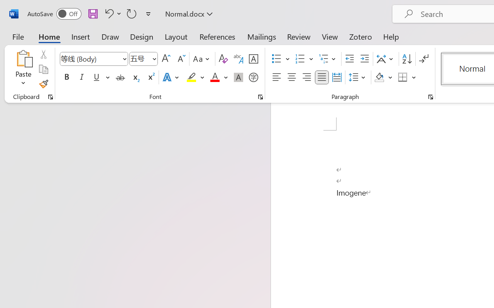 The image size is (494, 308). Describe the element at coordinates (66, 77) in the screenshot. I see `'Bold'` at that location.